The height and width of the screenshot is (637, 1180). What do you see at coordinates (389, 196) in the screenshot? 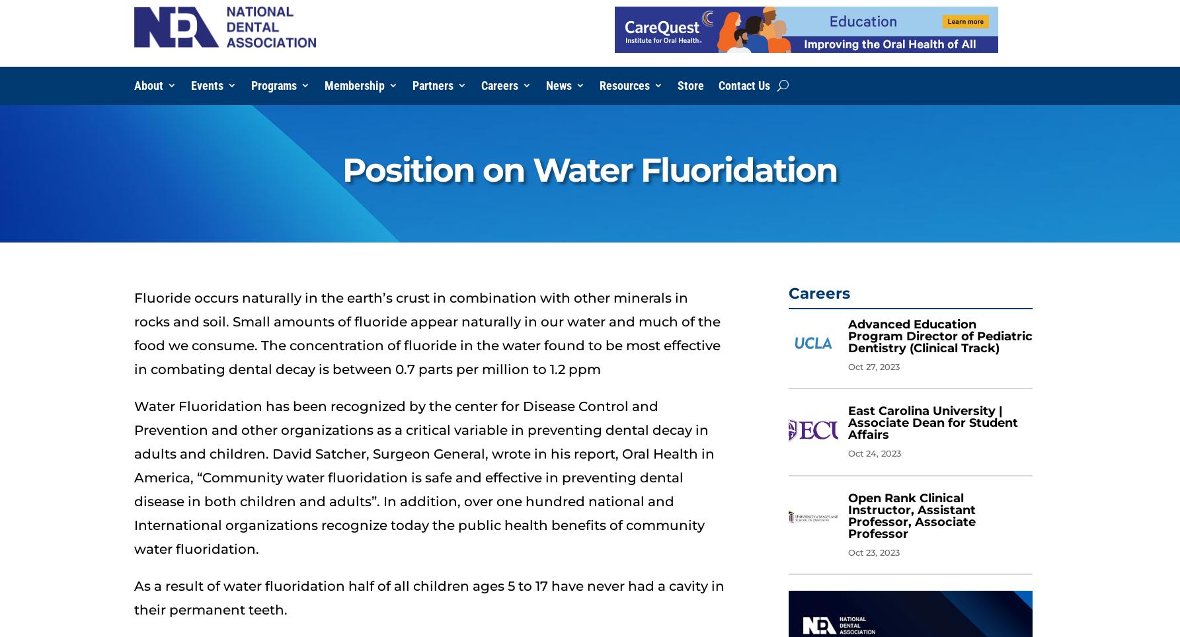
I see `'Local Dental Societies – Pay National Dues'` at bounding box center [389, 196].